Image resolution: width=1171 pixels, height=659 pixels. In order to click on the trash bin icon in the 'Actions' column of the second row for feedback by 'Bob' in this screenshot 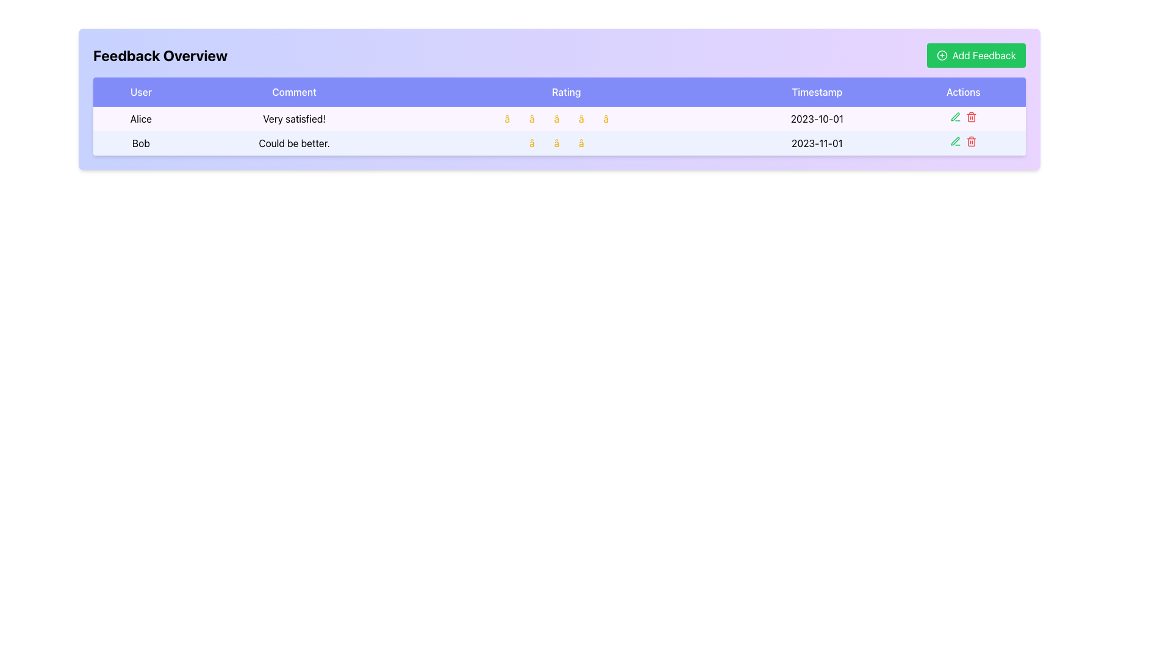, I will do `click(970, 142)`.